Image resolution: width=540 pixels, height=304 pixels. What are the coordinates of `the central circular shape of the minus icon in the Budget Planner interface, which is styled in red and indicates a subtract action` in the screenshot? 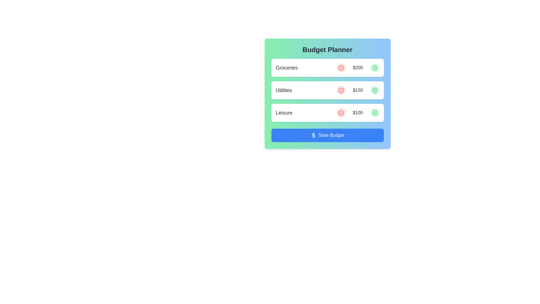 It's located at (341, 67).